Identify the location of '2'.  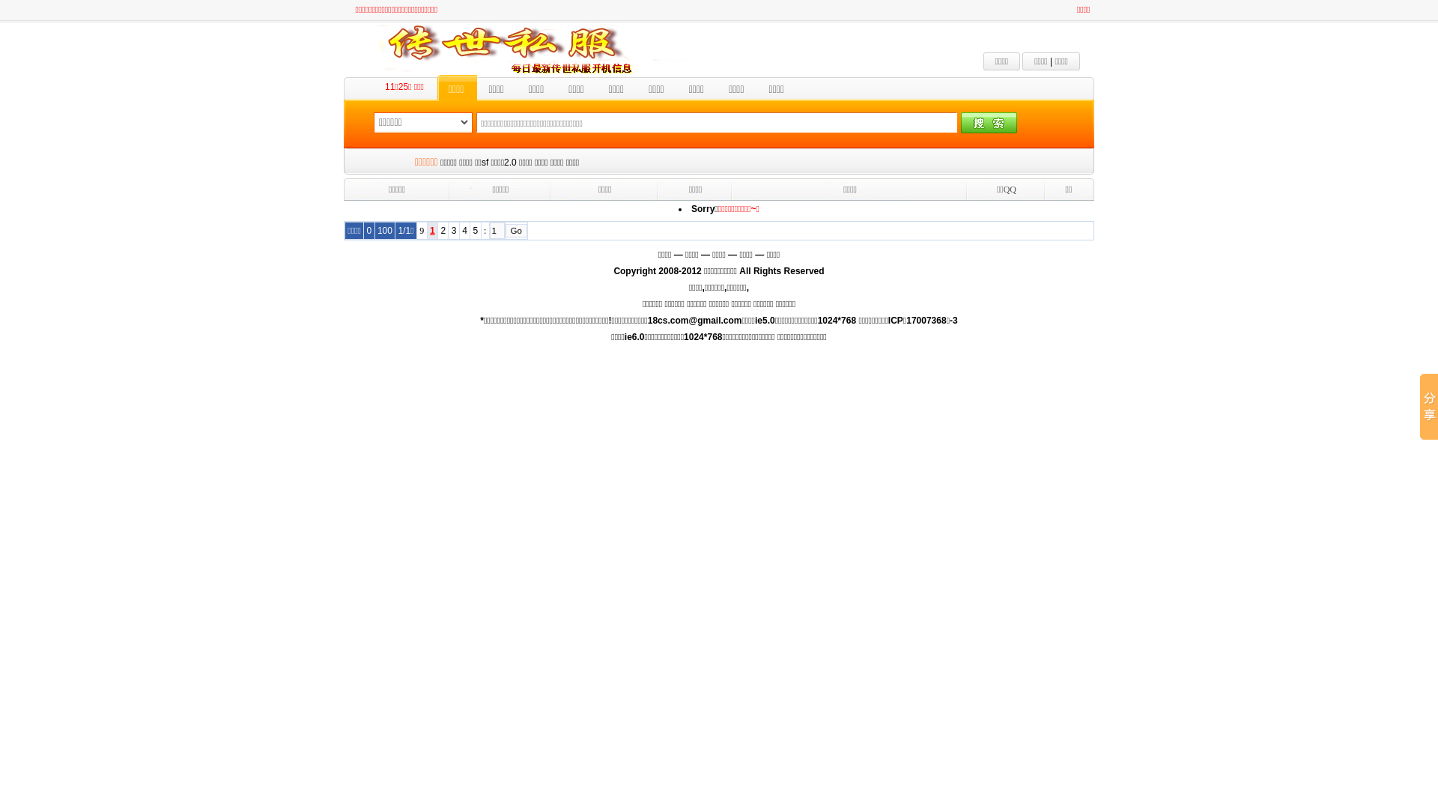
(440, 231).